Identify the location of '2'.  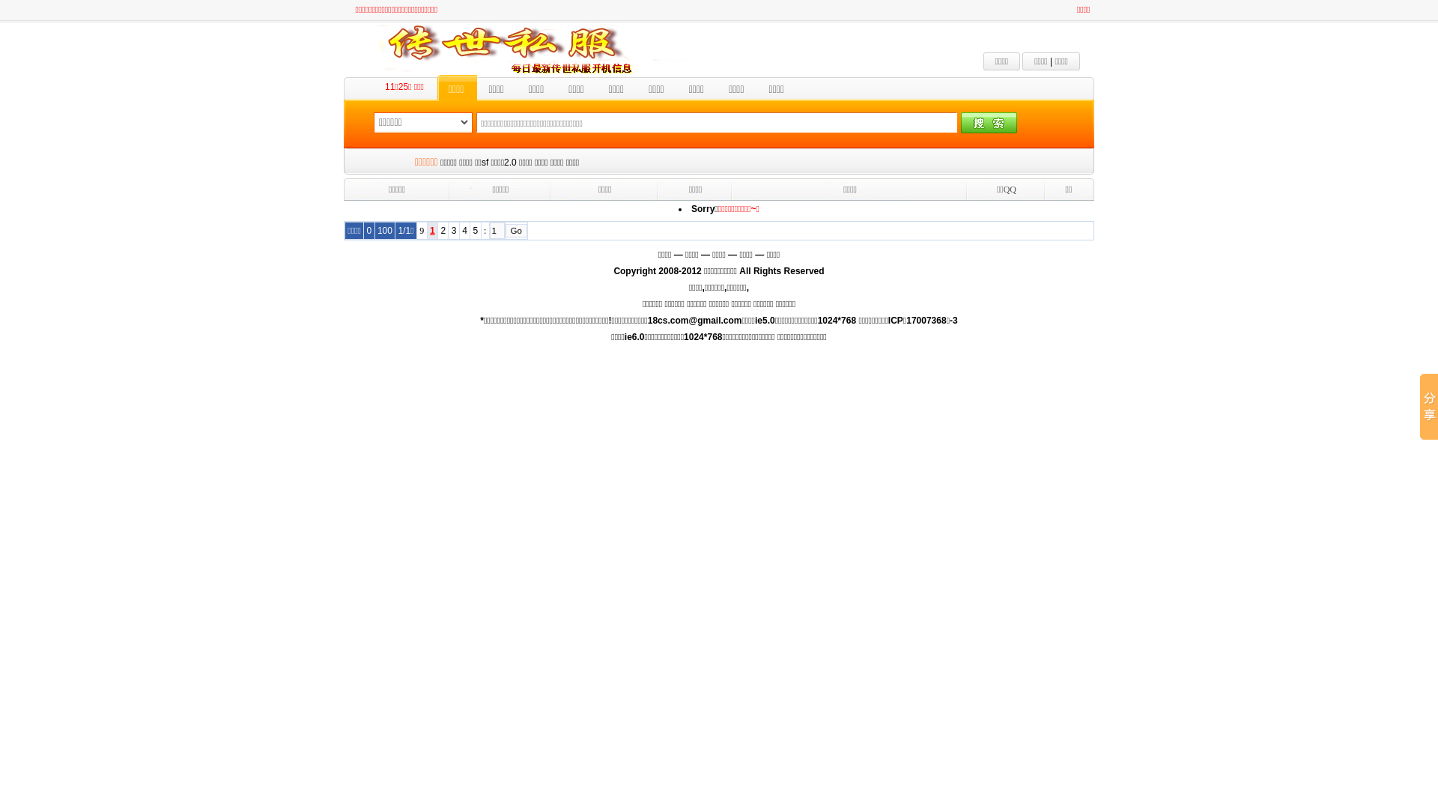
(440, 231).